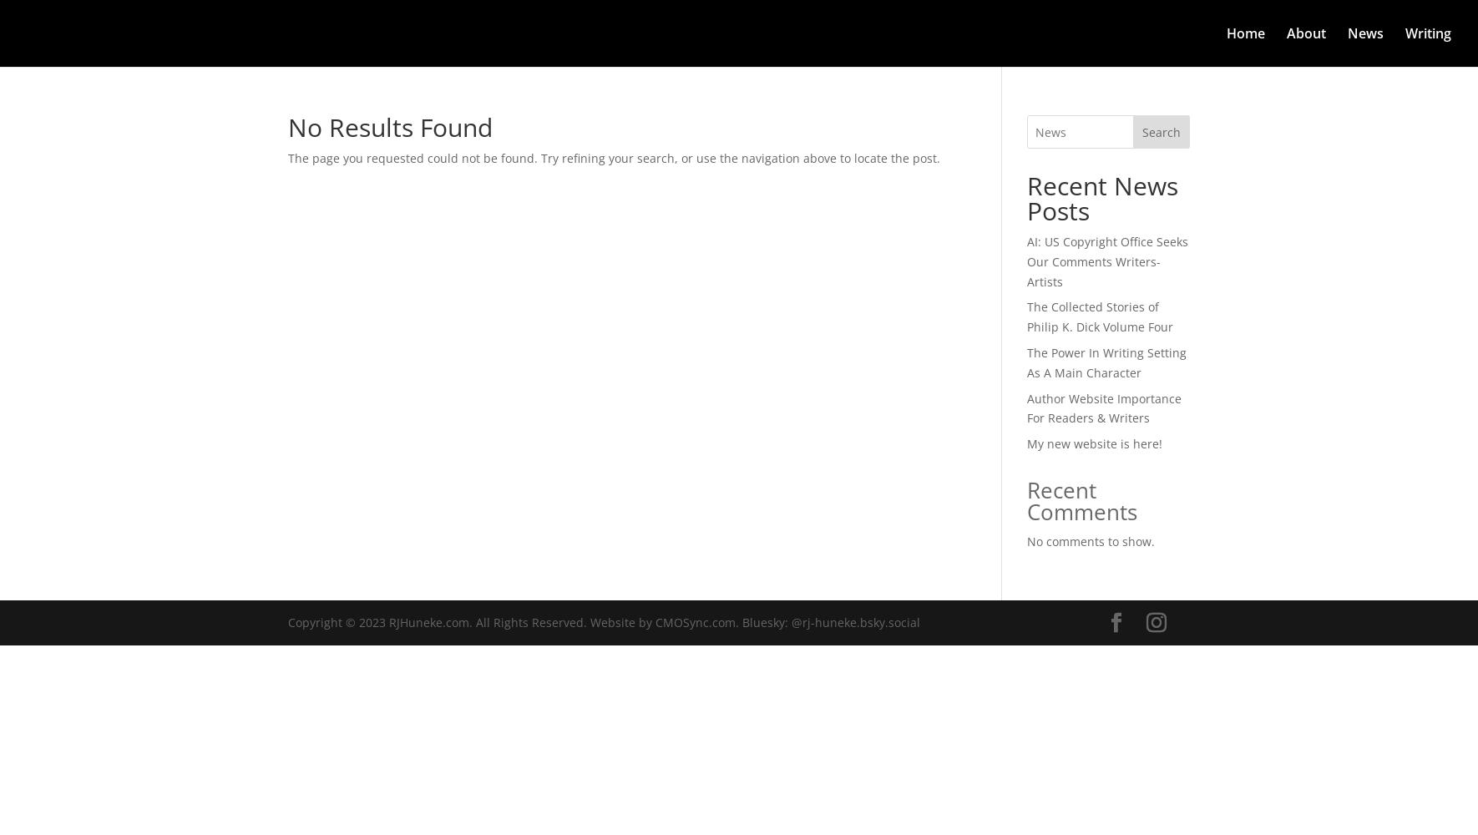 This screenshot has width=1478, height=835. I want to click on 'My new website is here!', so click(1092, 443).